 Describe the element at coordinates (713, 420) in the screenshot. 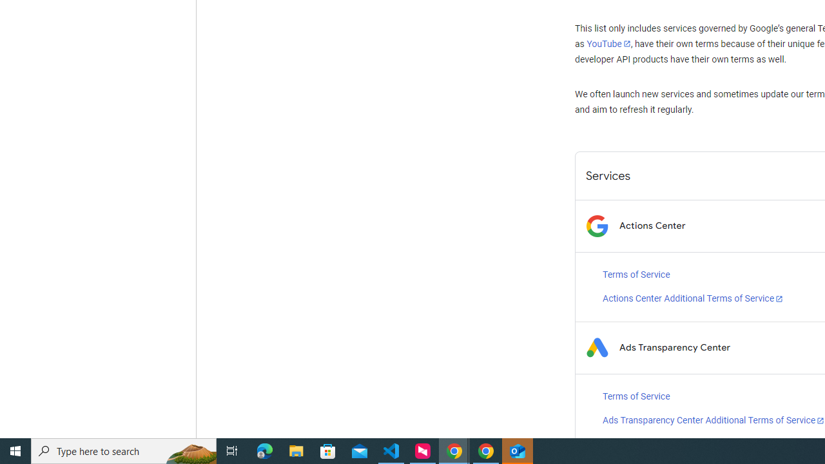

I see `'Ads Transparency Center Additional Terms of Service'` at that location.